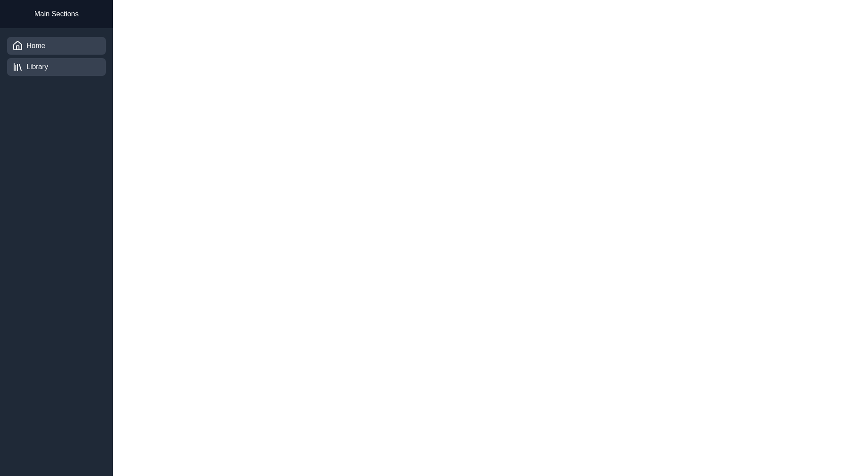  I want to click on the 'Home' button to navigate to the home section, so click(56, 46).